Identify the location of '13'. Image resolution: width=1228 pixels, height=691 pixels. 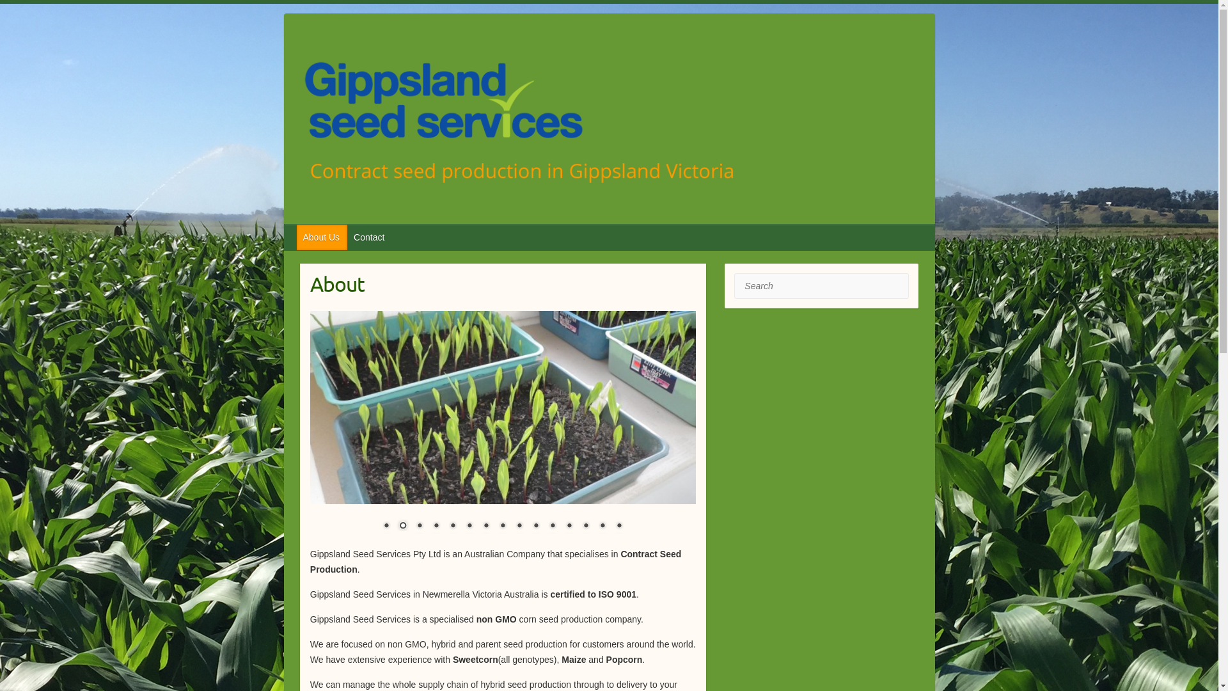
(585, 526).